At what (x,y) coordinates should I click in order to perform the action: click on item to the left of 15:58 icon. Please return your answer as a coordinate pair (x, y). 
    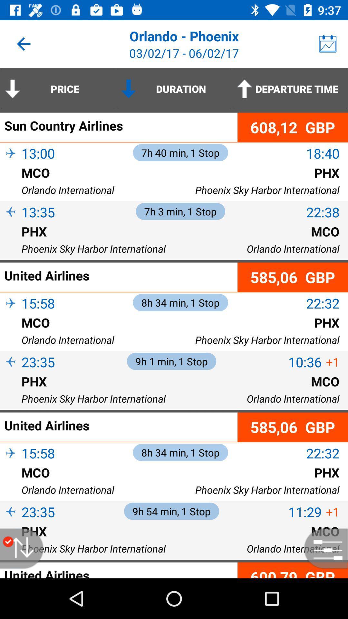
    Looking at the image, I should click on (11, 314).